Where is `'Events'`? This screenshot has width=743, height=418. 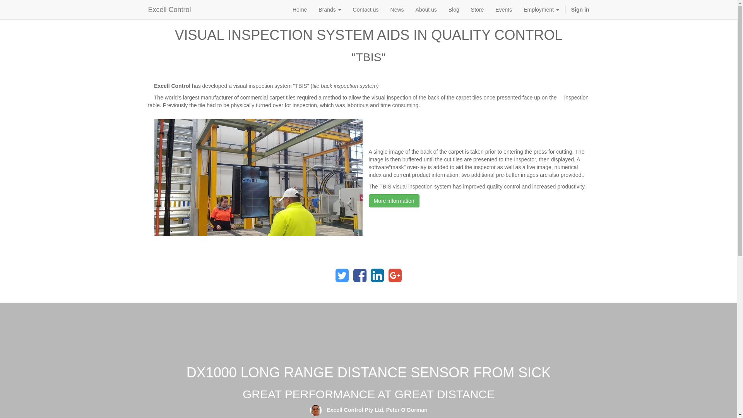 'Events' is located at coordinates (503, 9).